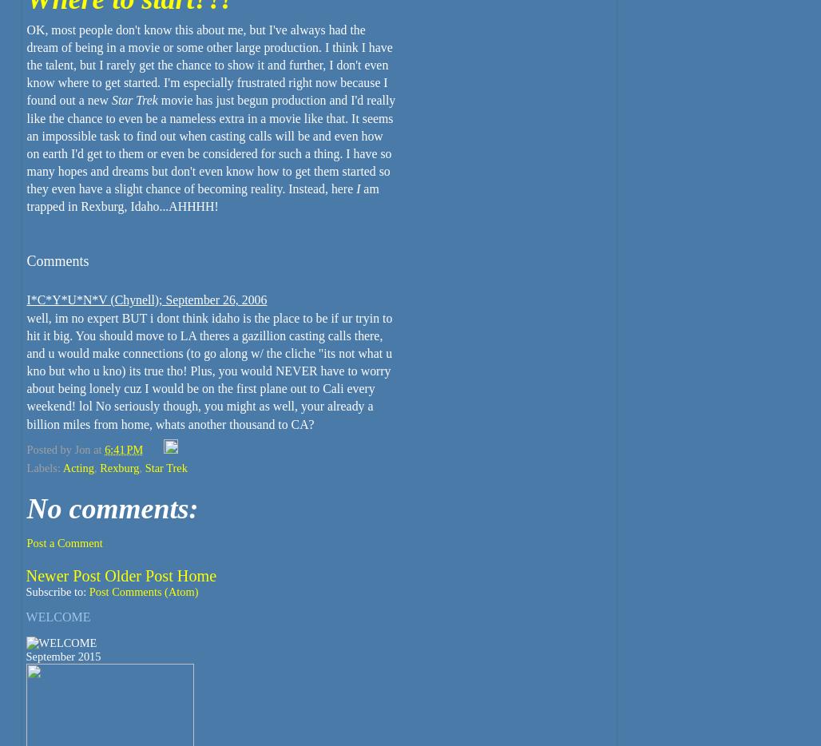 This screenshot has width=821, height=746. Describe the element at coordinates (81, 447) in the screenshot. I see `'Jon'` at that location.